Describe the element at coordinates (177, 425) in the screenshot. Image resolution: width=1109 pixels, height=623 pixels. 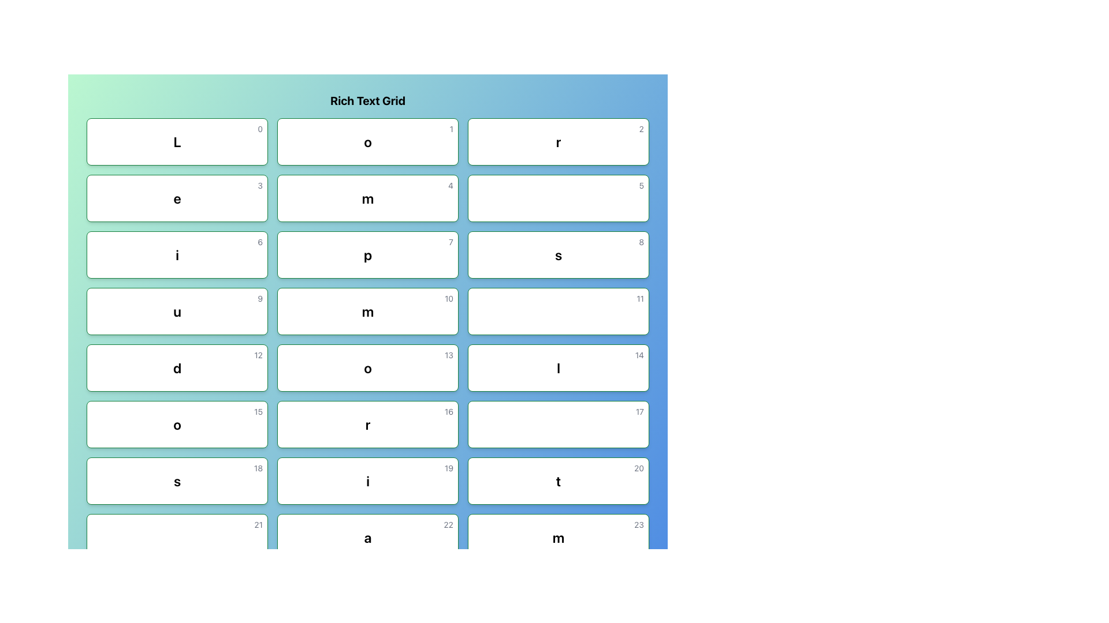
I see `the contents of the grid cell component located in the fourth row and second column, which features a large bold character 'o' and a smaller number '15' in the top-right corner` at that location.